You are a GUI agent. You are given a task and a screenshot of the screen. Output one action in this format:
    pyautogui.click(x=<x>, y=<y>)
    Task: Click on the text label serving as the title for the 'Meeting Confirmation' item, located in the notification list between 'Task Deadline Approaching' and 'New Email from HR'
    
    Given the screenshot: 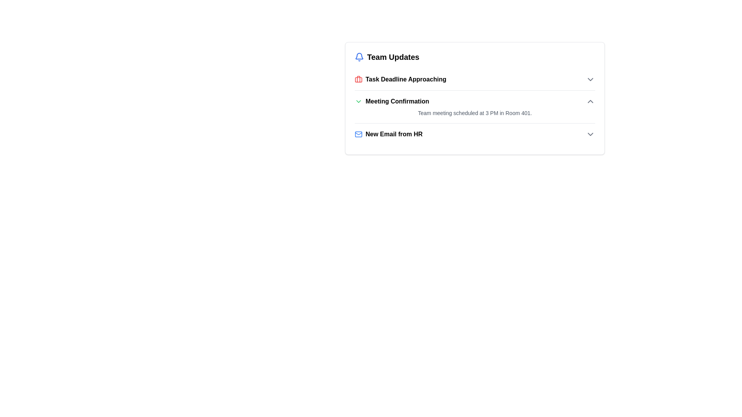 What is the action you would take?
    pyautogui.click(x=392, y=101)
    